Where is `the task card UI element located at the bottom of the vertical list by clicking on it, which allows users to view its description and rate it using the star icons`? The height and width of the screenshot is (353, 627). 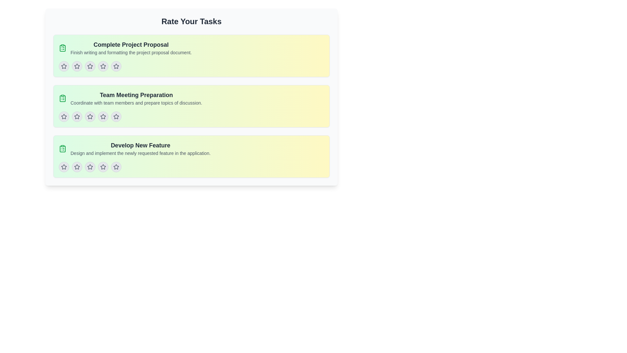
the task card UI element located at the bottom of the vertical list by clicking on it, which allows users to view its description and rate it using the star icons is located at coordinates (191, 156).